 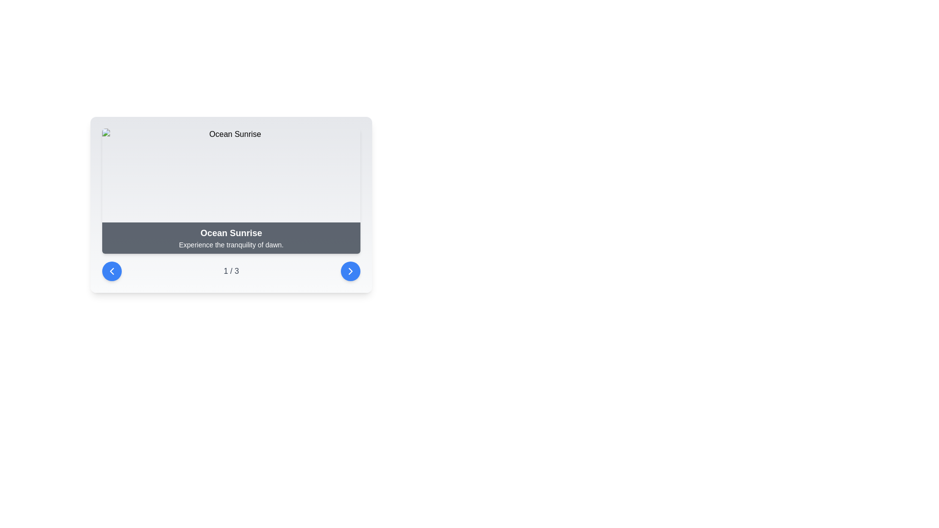 What do you see at coordinates (350, 271) in the screenshot?
I see `the 'Next' button located at the bottom right of the card layout` at bounding box center [350, 271].